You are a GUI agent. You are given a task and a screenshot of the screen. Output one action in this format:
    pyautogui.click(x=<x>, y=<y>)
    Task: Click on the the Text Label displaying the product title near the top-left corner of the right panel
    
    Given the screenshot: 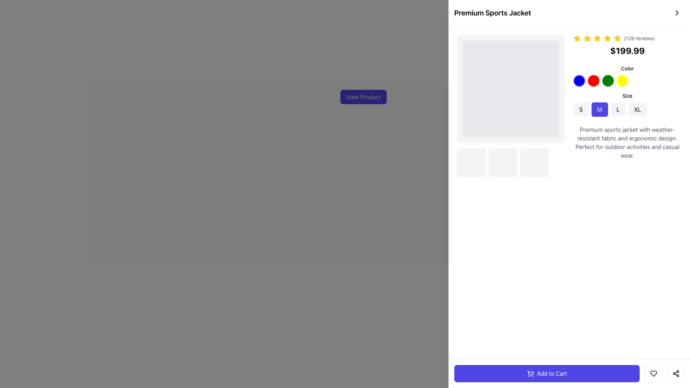 What is the action you would take?
    pyautogui.click(x=492, y=13)
    